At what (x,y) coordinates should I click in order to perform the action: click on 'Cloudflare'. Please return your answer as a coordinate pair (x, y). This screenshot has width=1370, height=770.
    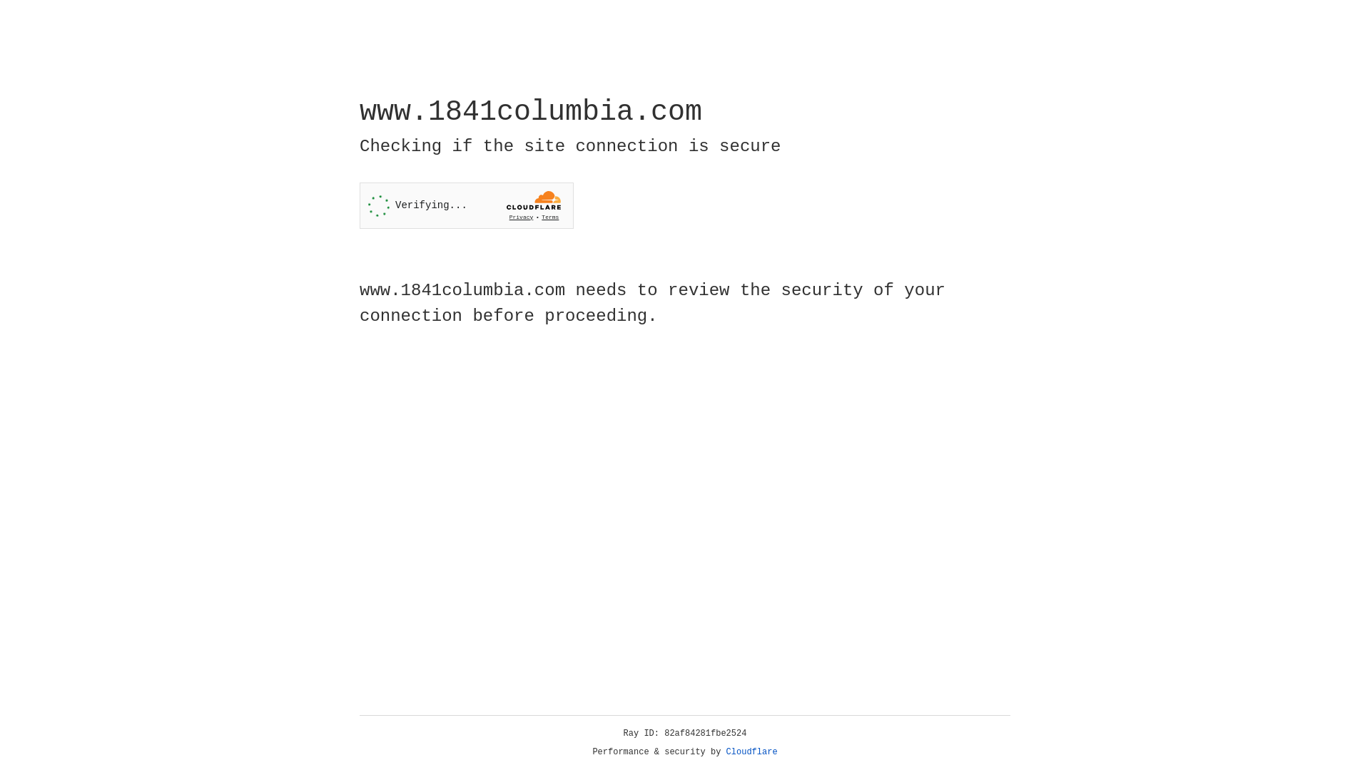
    Looking at the image, I should click on (726, 751).